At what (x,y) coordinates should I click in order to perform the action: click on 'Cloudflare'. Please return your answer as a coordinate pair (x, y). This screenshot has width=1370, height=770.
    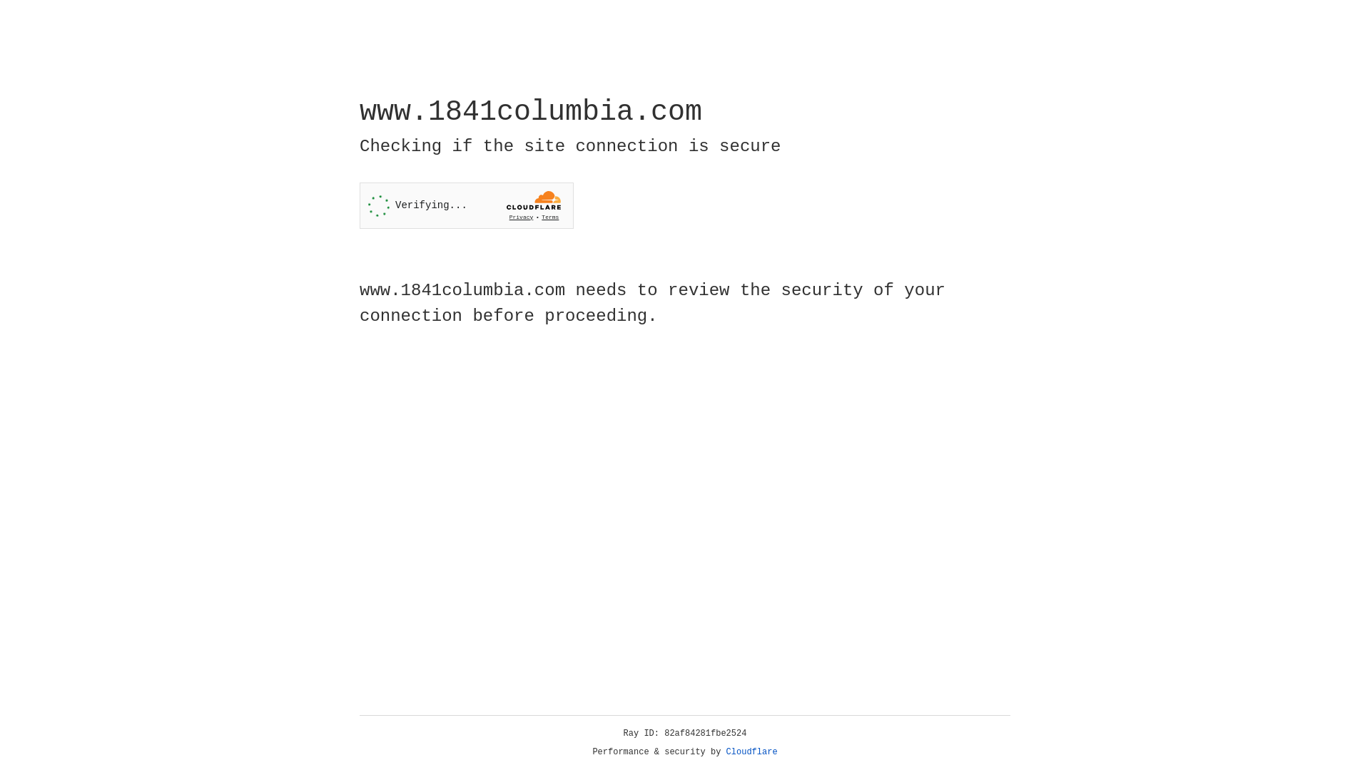
    Looking at the image, I should click on (726, 751).